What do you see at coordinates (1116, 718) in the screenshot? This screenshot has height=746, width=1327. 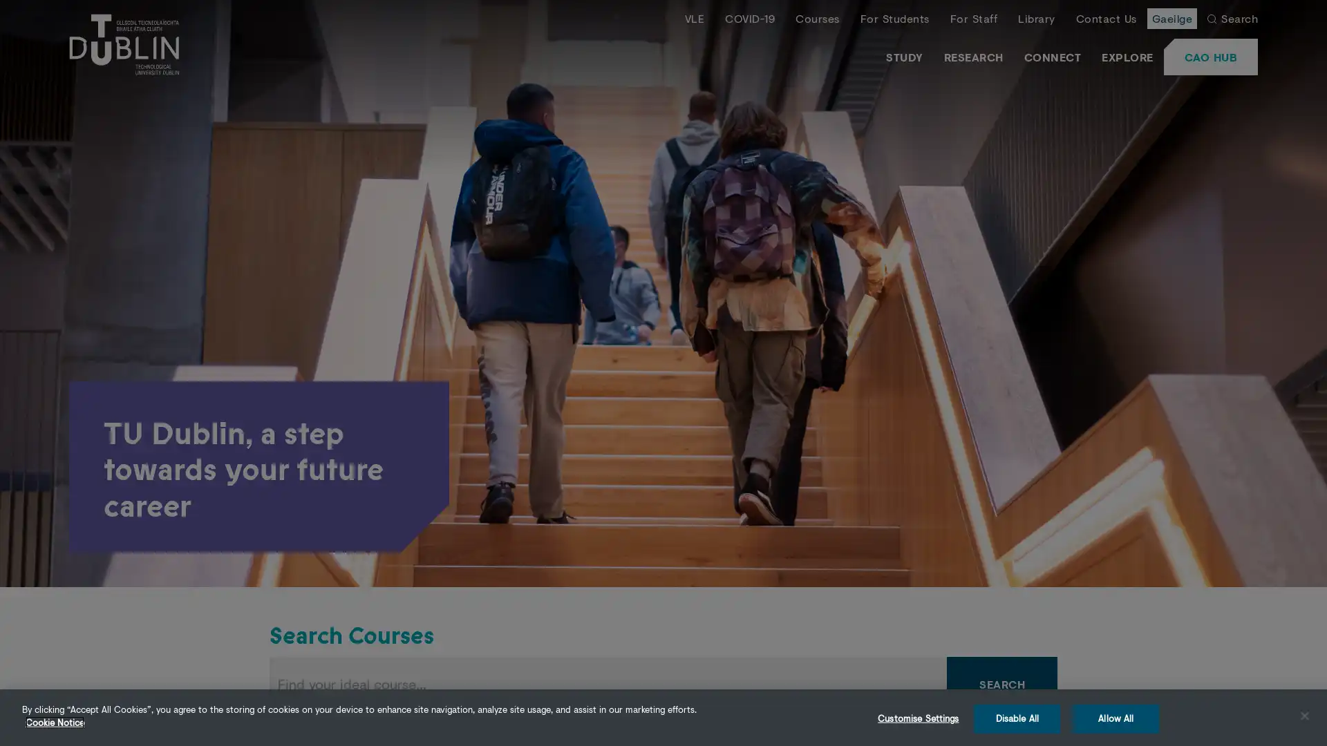 I see `Allow All` at bounding box center [1116, 718].